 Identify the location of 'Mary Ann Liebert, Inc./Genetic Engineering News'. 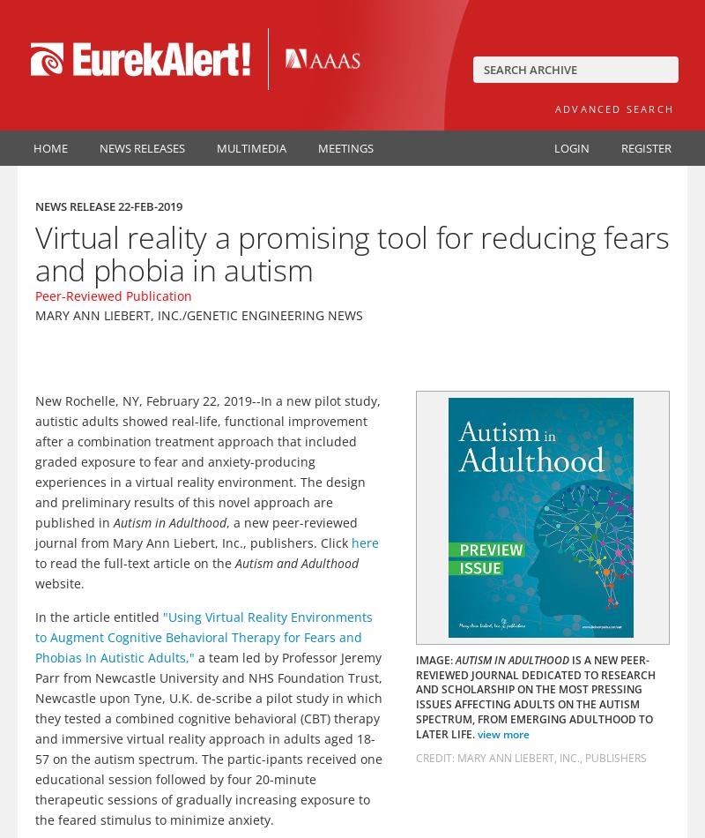
(198, 313).